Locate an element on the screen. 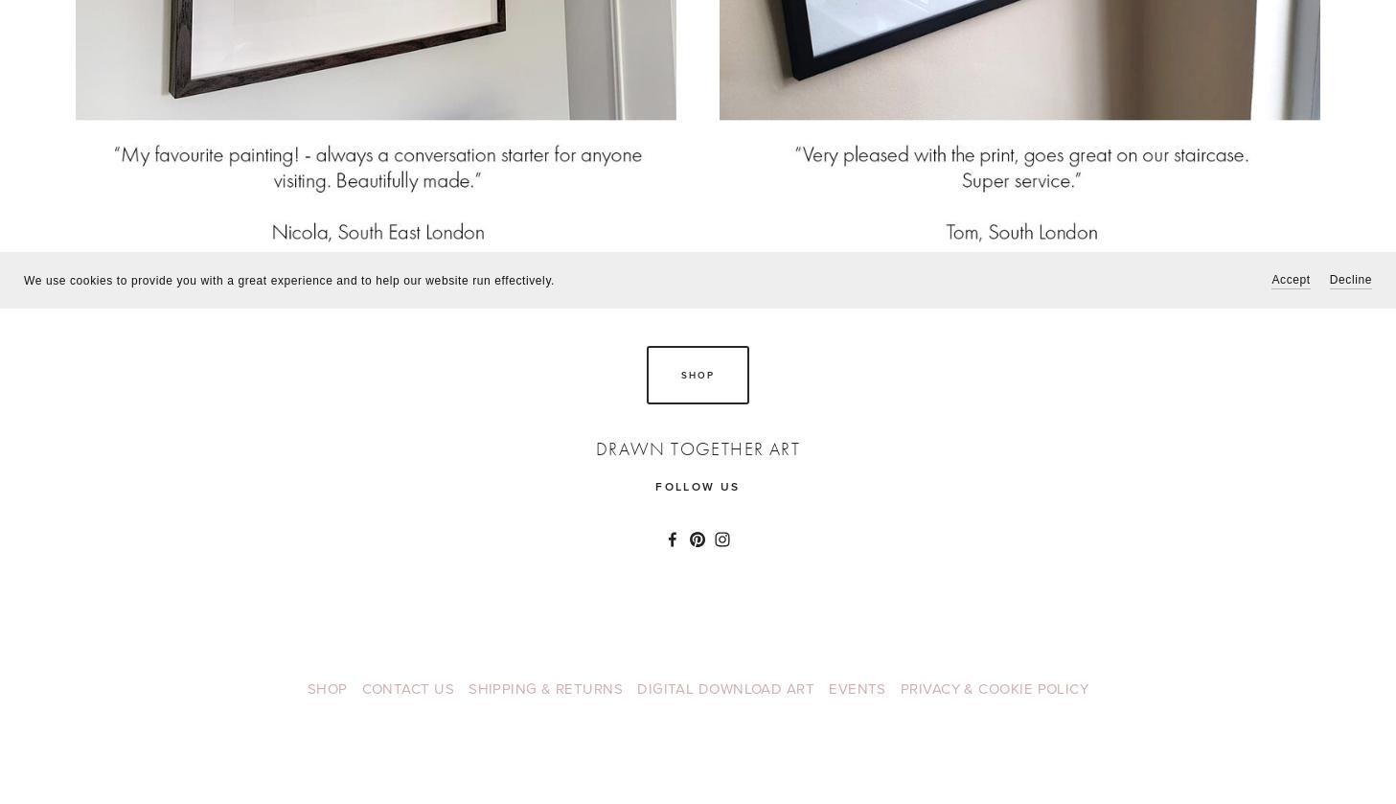 This screenshot has width=1396, height=804. 'Accept' is located at coordinates (1290, 279).